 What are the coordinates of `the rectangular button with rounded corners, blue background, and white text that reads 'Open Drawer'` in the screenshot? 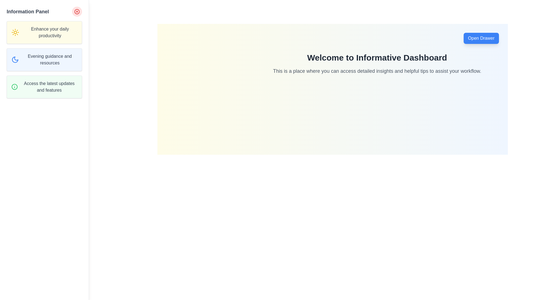 It's located at (481, 38).